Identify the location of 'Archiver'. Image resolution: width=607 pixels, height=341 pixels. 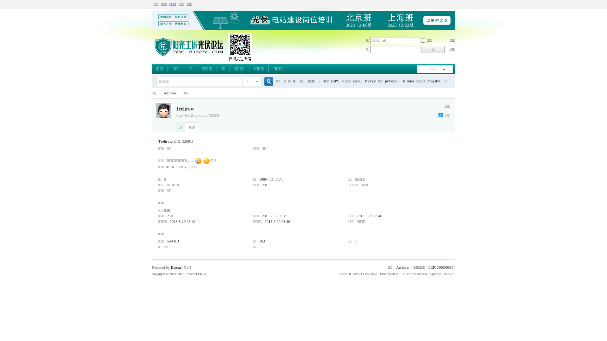
(402, 267).